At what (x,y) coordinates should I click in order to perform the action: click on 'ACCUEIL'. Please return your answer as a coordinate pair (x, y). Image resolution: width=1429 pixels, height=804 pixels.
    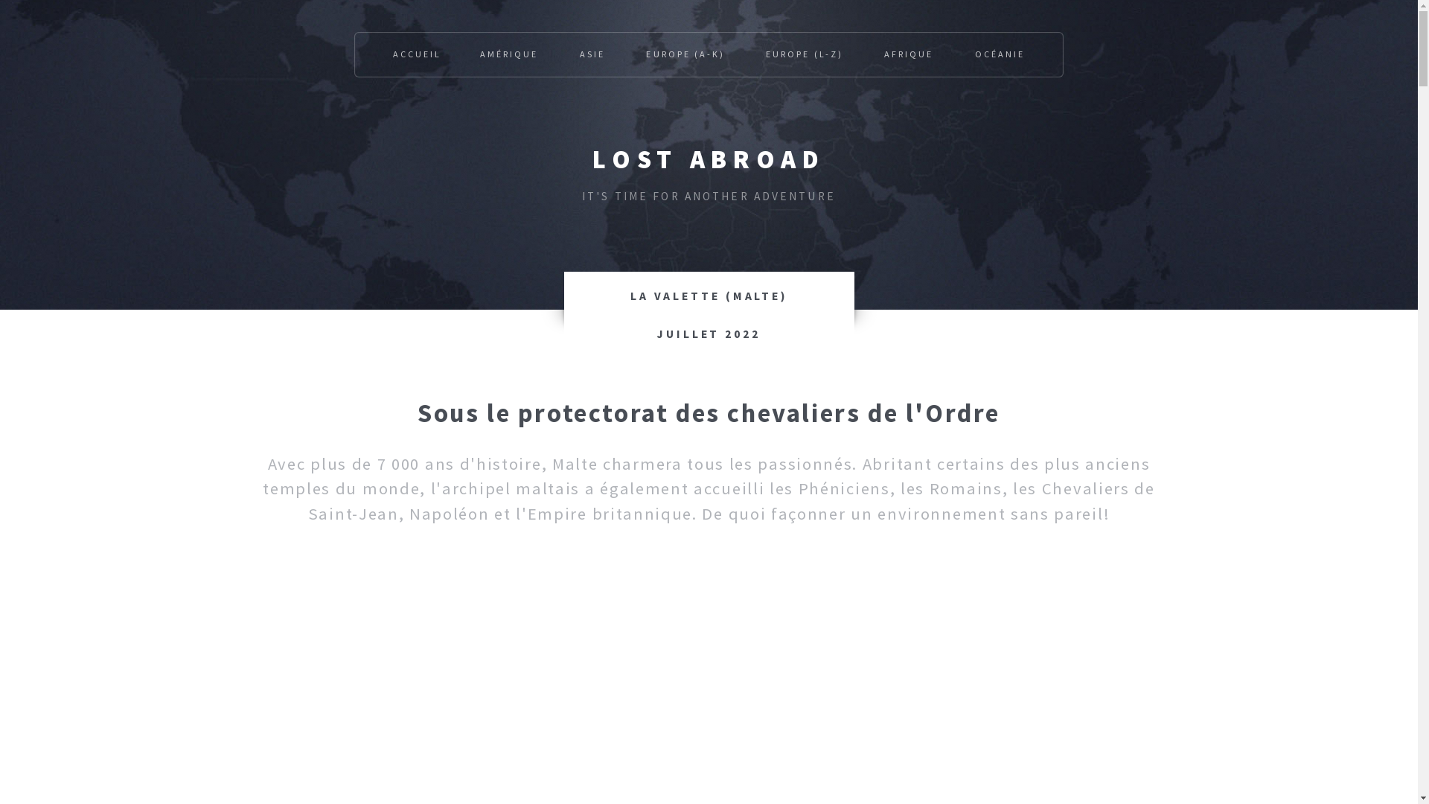
    Looking at the image, I should click on (417, 54).